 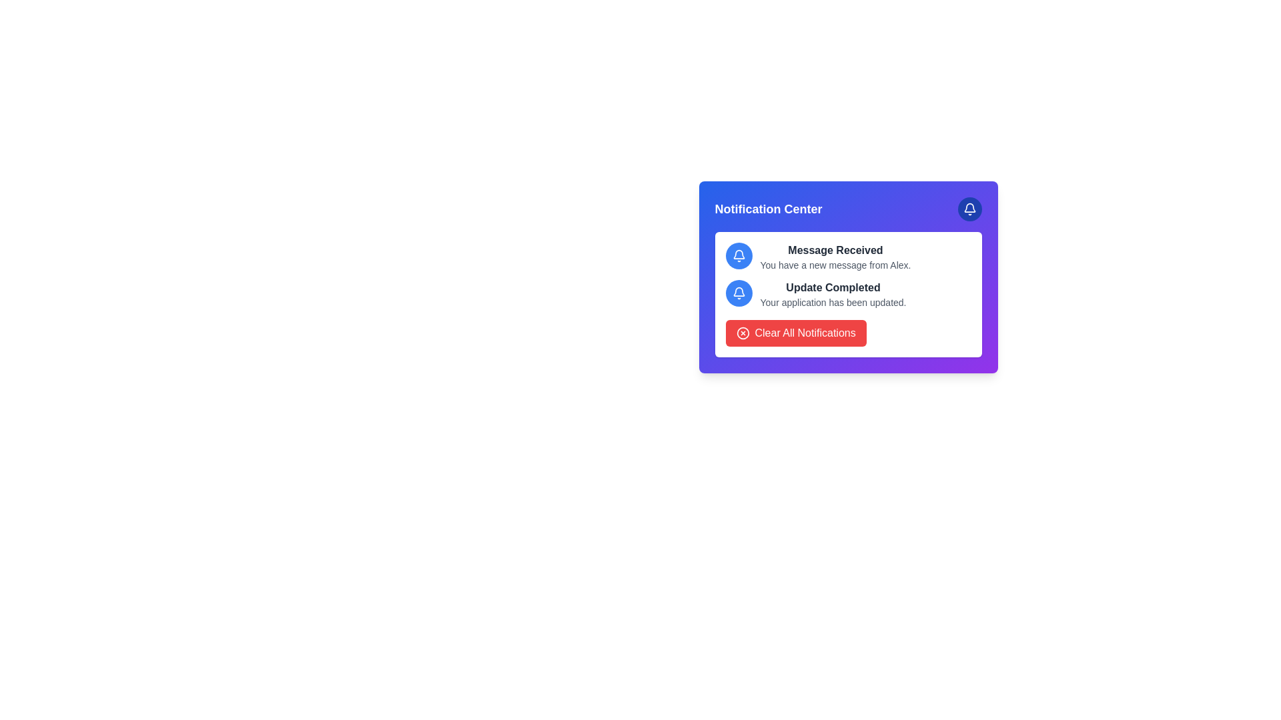 I want to click on the notification represented by a blue circular icon with a white bell symbol, which contains the text 'Update Completed' and 'Your application has been updated.' This notification is the second in the list, below 'Message Received.', so click(x=847, y=294).